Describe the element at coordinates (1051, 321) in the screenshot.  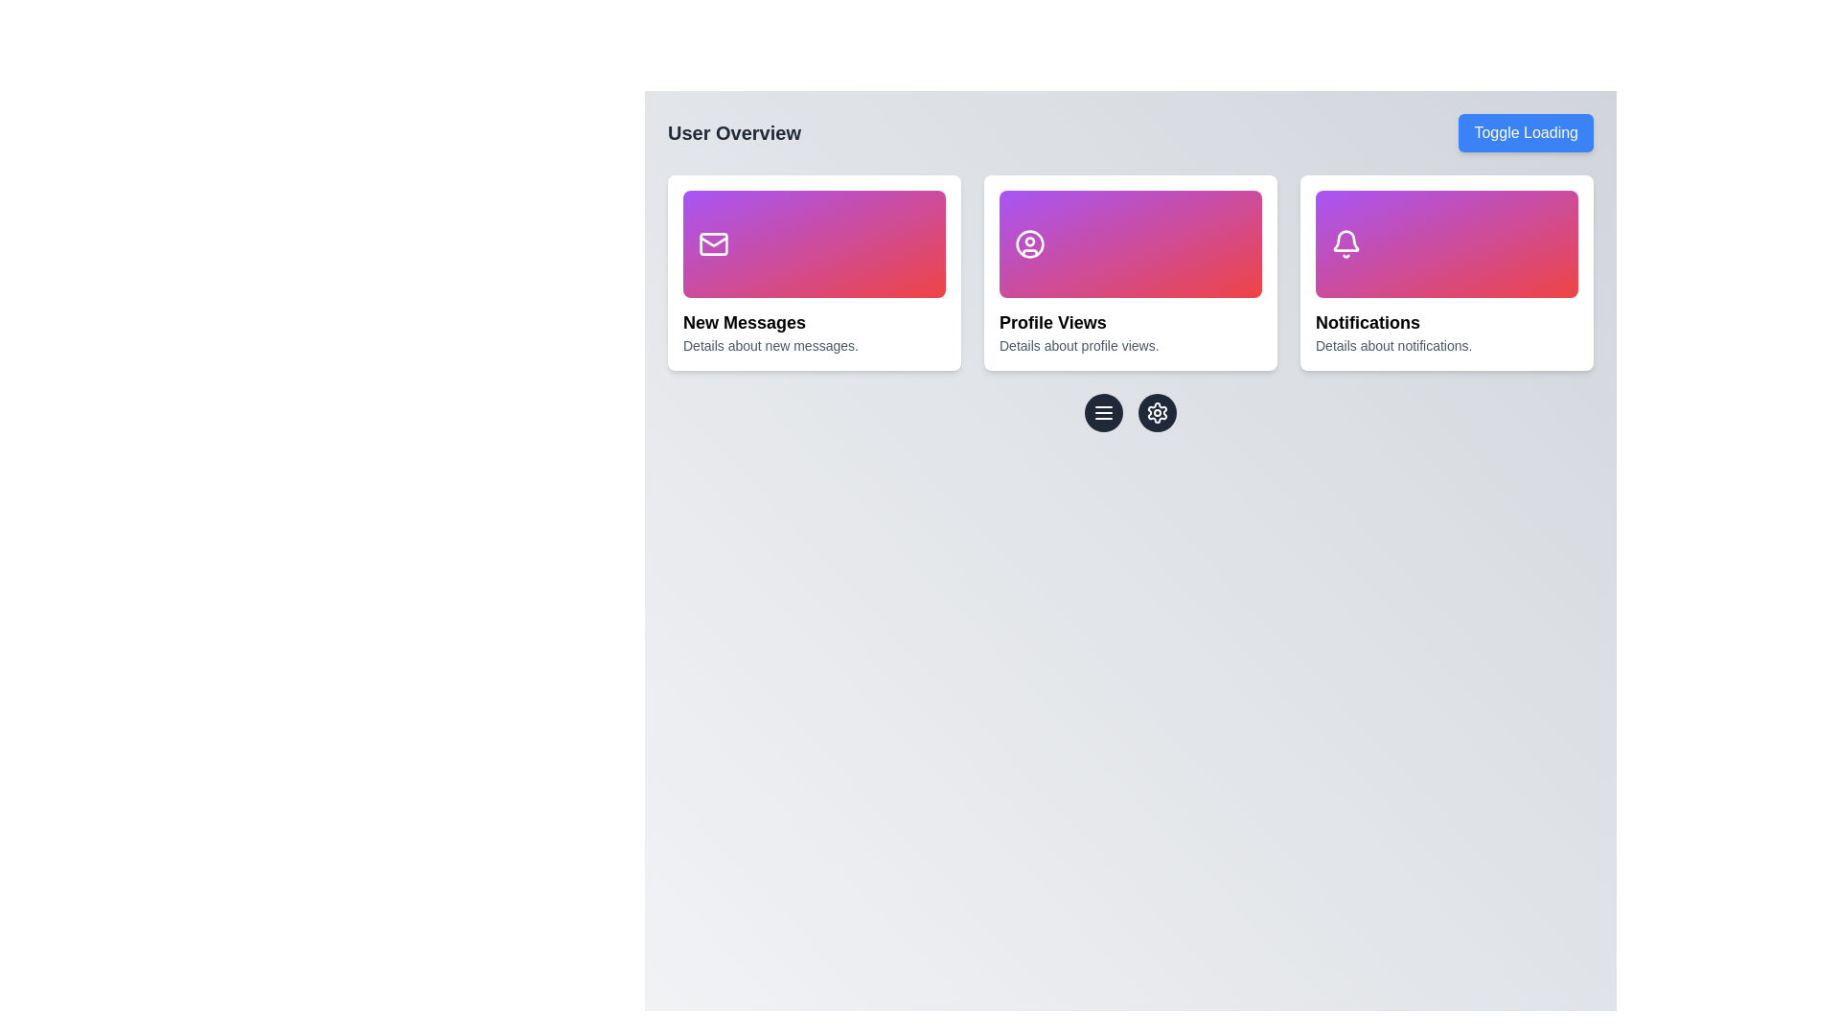
I see `the 'Profile Views' heading, which is a bold label in a card layout, centrally aligned in the second card of a three-card row layout` at that location.